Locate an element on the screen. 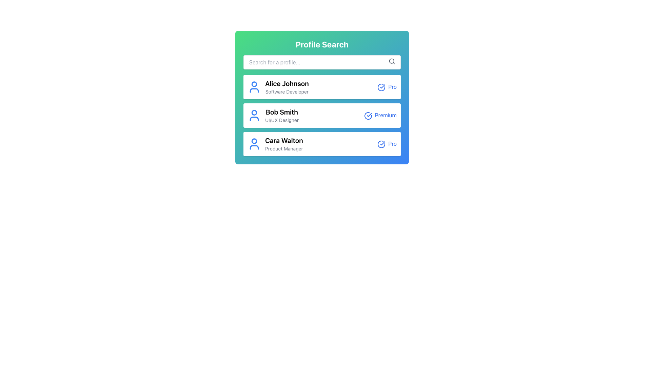  the 'Pro.' label, which is a blue textual label with a checkmark icon to its left, positioned in the far right of the third row, next to the 'Product Manager' text is located at coordinates (387, 143).